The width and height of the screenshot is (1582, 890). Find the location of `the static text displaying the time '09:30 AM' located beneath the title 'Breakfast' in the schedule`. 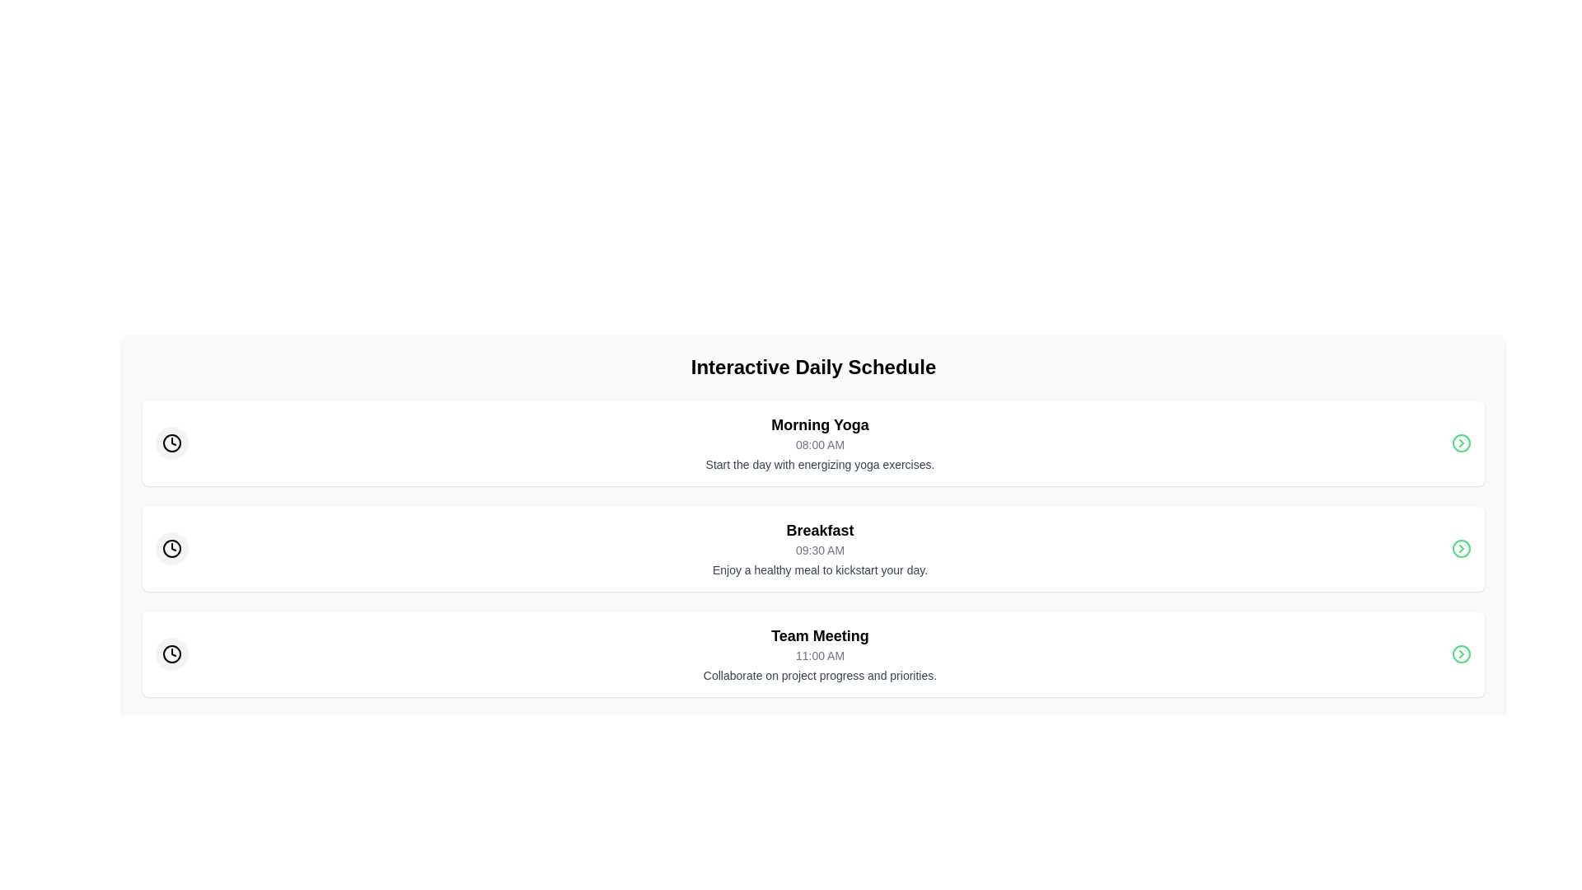

the static text displaying the time '09:30 AM' located beneath the title 'Breakfast' in the schedule is located at coordinates (820, 550).